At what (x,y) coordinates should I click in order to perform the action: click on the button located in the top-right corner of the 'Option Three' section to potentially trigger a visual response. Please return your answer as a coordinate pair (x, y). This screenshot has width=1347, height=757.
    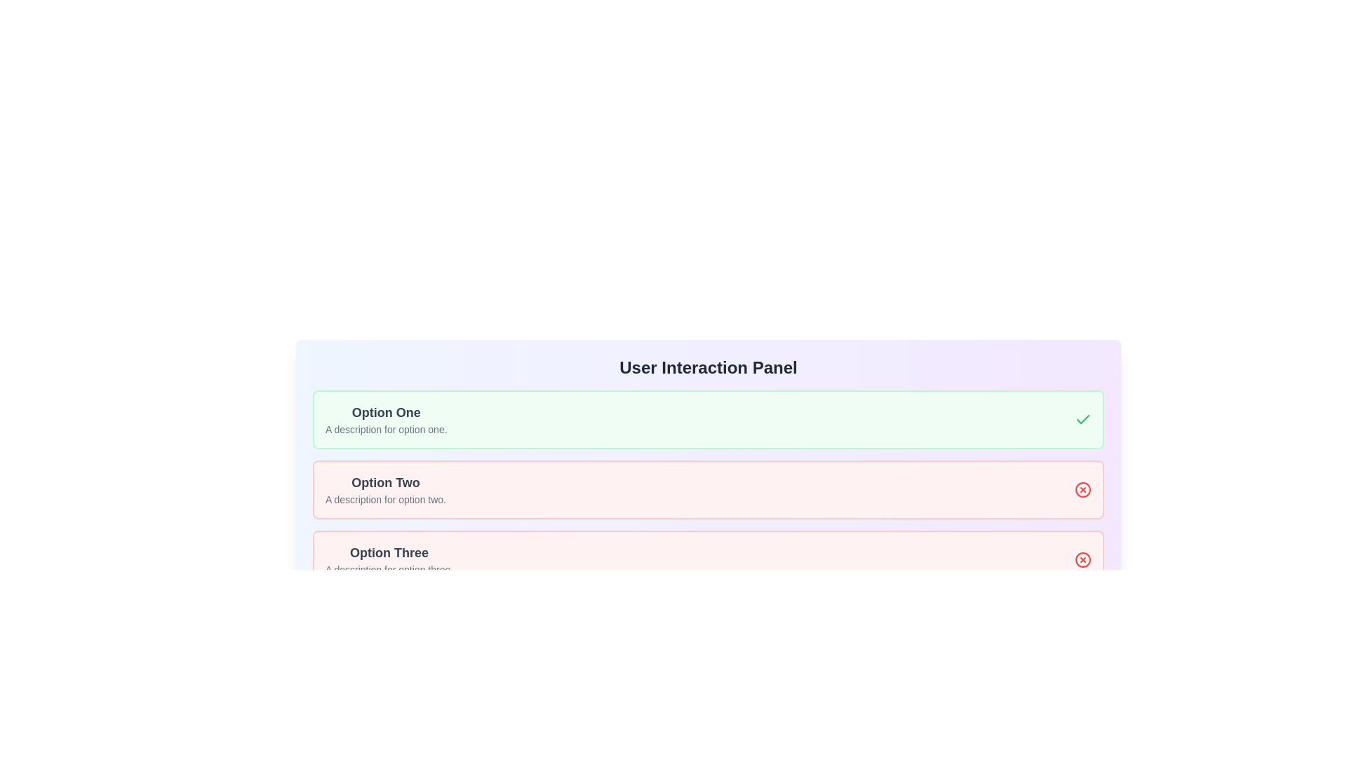
    Looking at the image, I should click on (1083, 559).